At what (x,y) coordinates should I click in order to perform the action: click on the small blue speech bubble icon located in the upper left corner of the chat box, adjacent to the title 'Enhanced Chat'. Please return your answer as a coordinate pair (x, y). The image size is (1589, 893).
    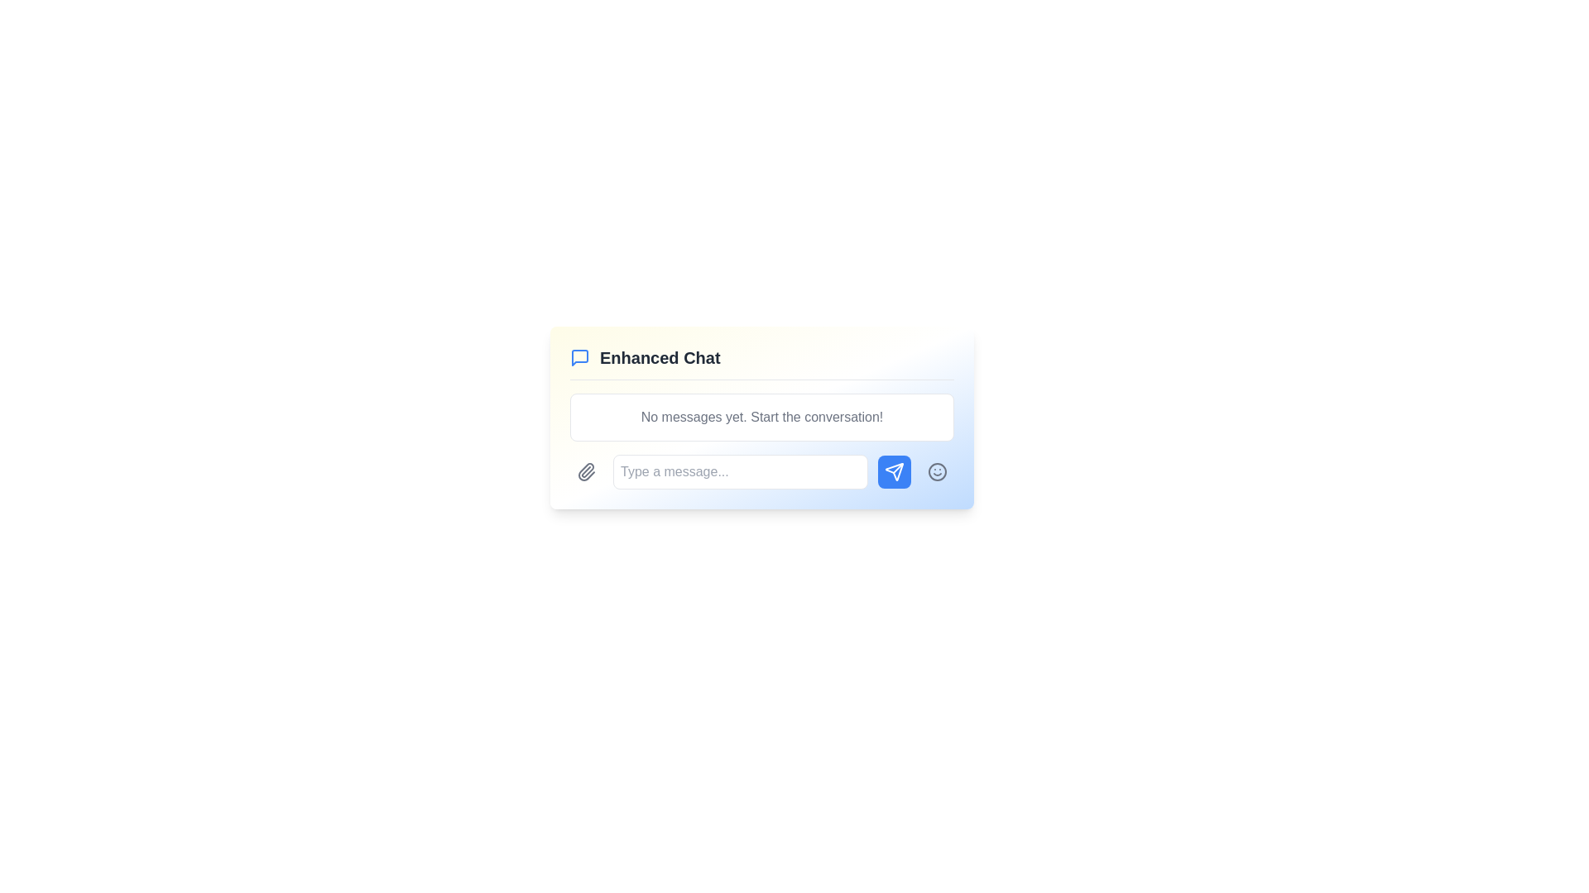
    Looking at the image, I should click on (579, 356).